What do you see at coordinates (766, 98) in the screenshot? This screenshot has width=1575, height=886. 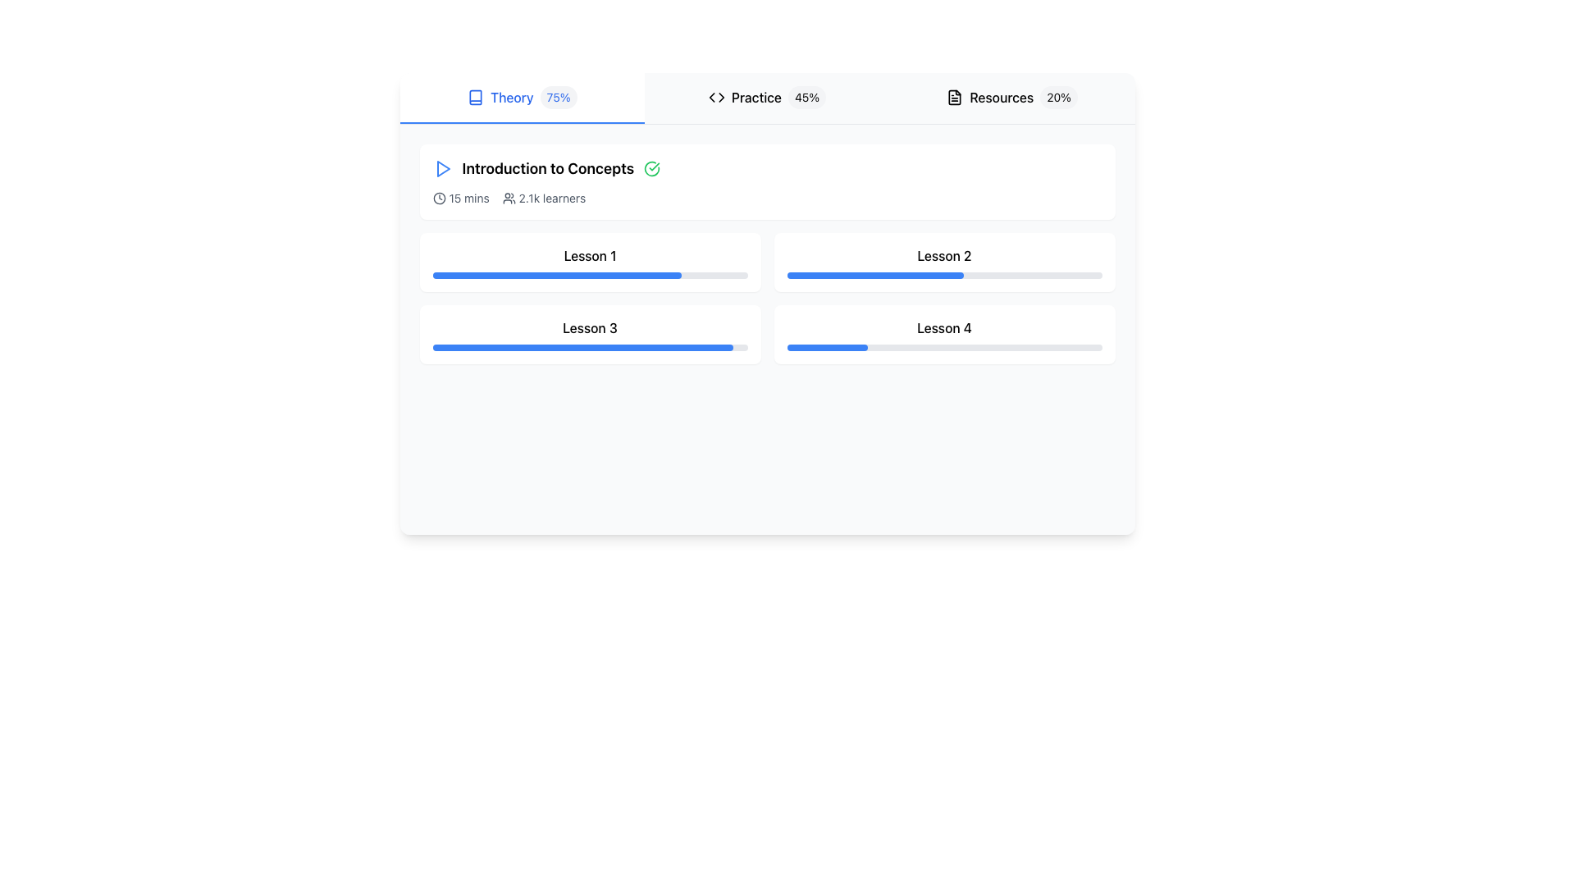 I see `the 'Practice' label in the composite UI component that includes 'Theory', 'Practice', and 'Resources' labels with percentage values` at bounding box center [766, 98].